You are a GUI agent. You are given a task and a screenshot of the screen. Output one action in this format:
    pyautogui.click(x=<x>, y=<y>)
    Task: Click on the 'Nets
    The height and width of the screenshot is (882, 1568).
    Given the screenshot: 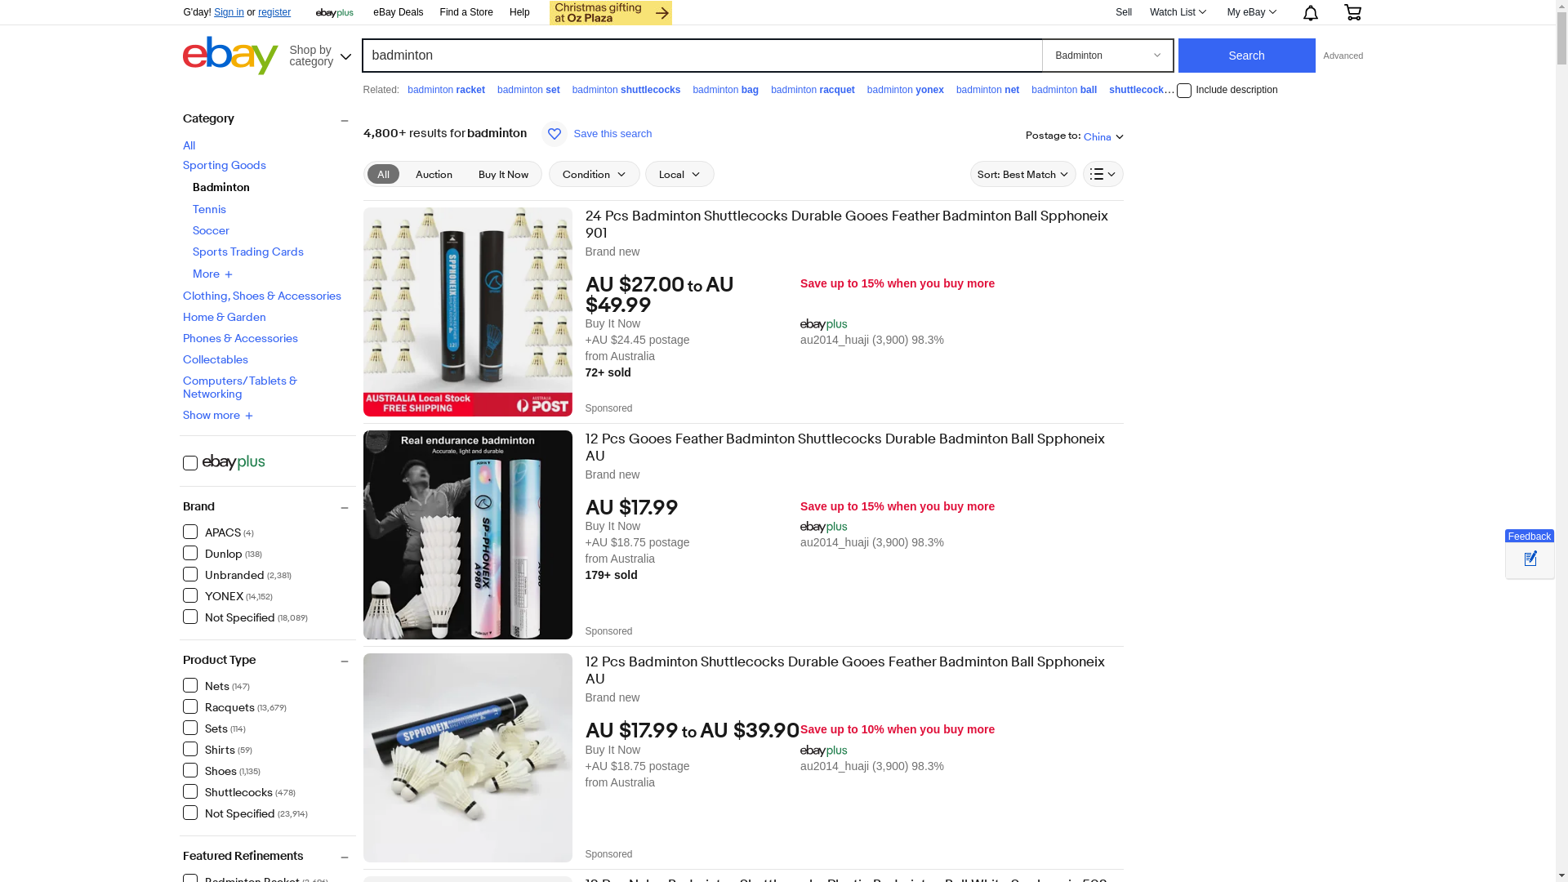 What is the action you would take?
    pyautogui.click(x=215, y=685)
    